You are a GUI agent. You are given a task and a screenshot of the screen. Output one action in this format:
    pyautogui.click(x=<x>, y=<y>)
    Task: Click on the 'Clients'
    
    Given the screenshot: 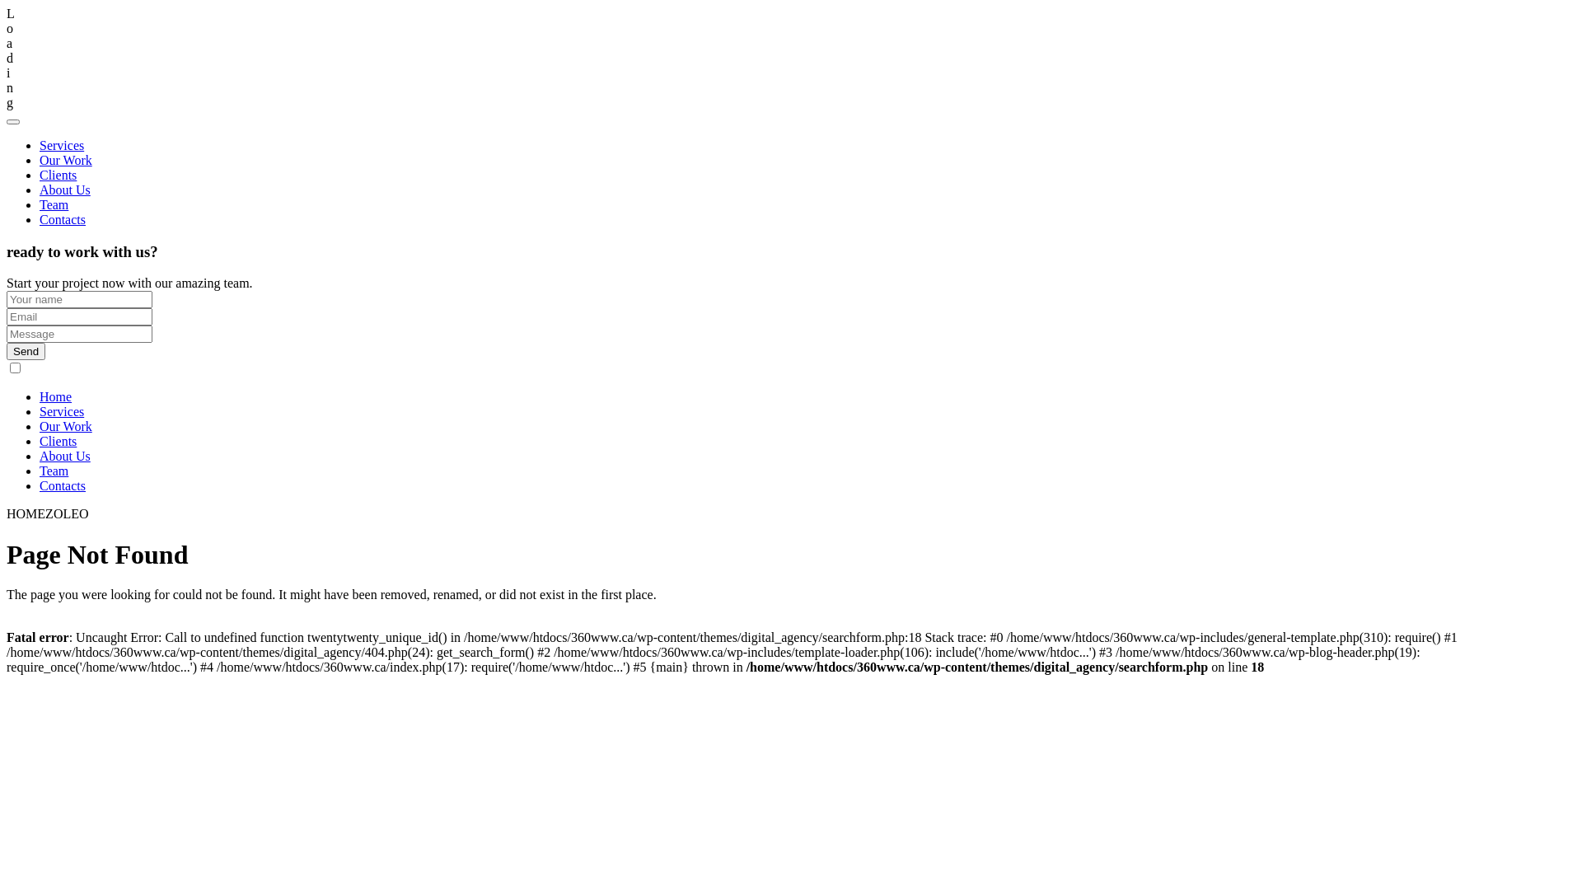 What is the action you would take?
    pyautogui.click(x=58, y=175)
    